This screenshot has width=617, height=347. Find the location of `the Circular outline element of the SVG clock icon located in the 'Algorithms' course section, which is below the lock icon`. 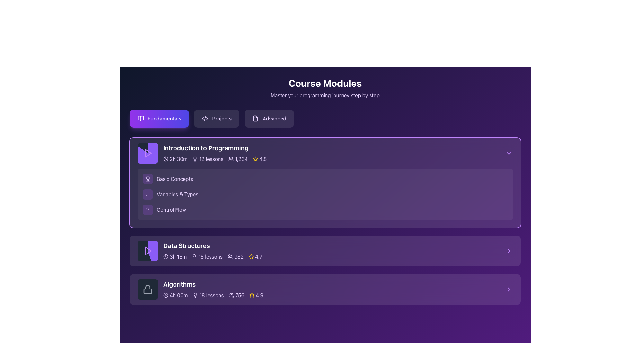

the Circular outline element of the SVG clock icon located in the 'Algorithms' course section, which is below the lock icon is located at coordinates (165, 295).